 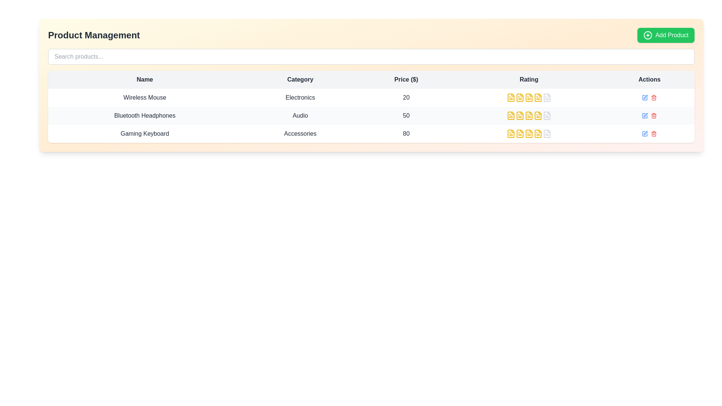 I want to click on the 'Audio' text label, which is centrally aligned in the second column of the 'Bluetooth Headphones' row in the table, so click(x=300, y=116).